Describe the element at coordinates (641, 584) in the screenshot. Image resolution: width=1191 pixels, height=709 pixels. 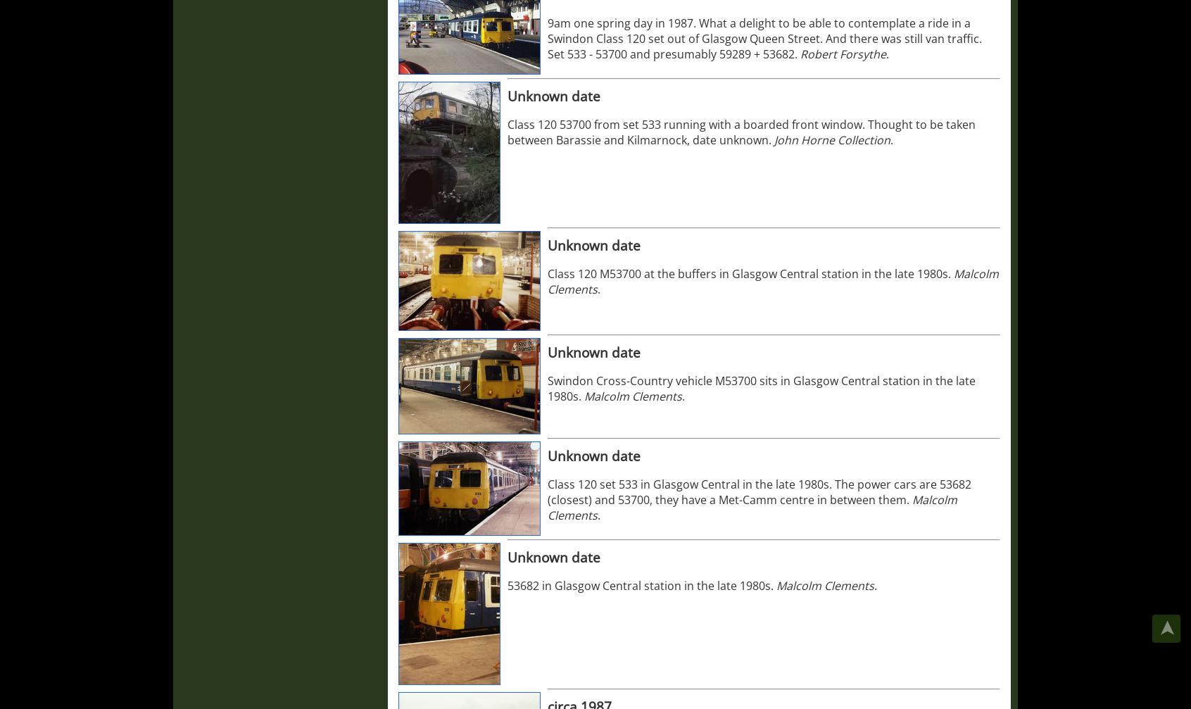
I see `'53682 in Glasgow Central station in the late 1980s.'` at that location.